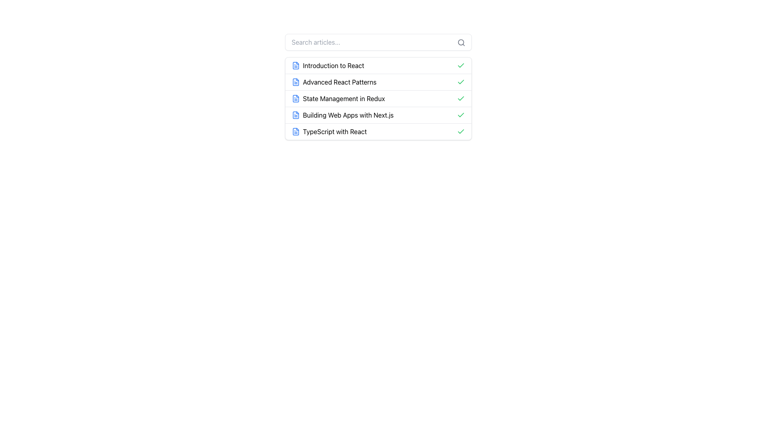 The height and width of the screenshot is (435, 773). What do you see at coordinates (328, 65) in the screenshot?
I see `the first List Item element titled 'Introduction to React' which is accompanied by a blue document icon, located directly under the search bar` at bounding box center [328, 65].